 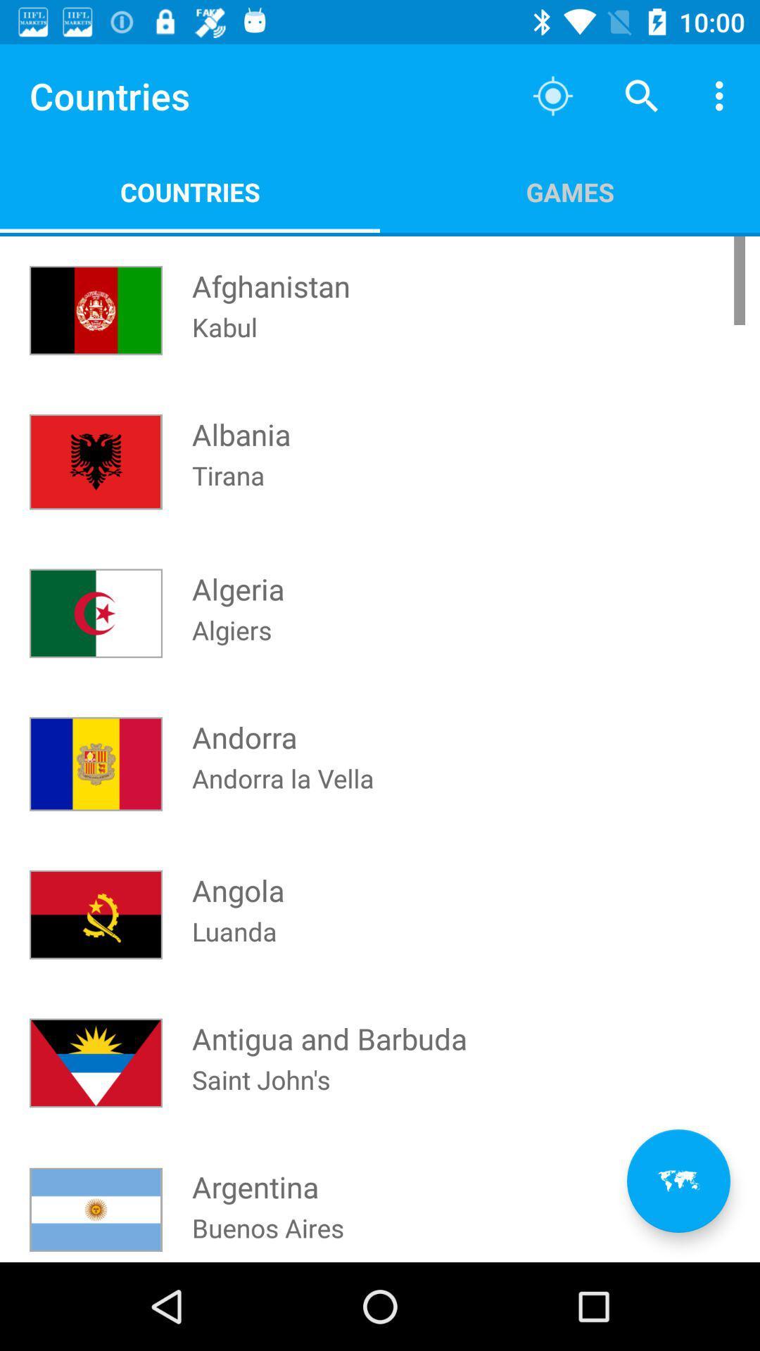 I want to click on icon above the saint john's item, so click(x=329, y=1025).